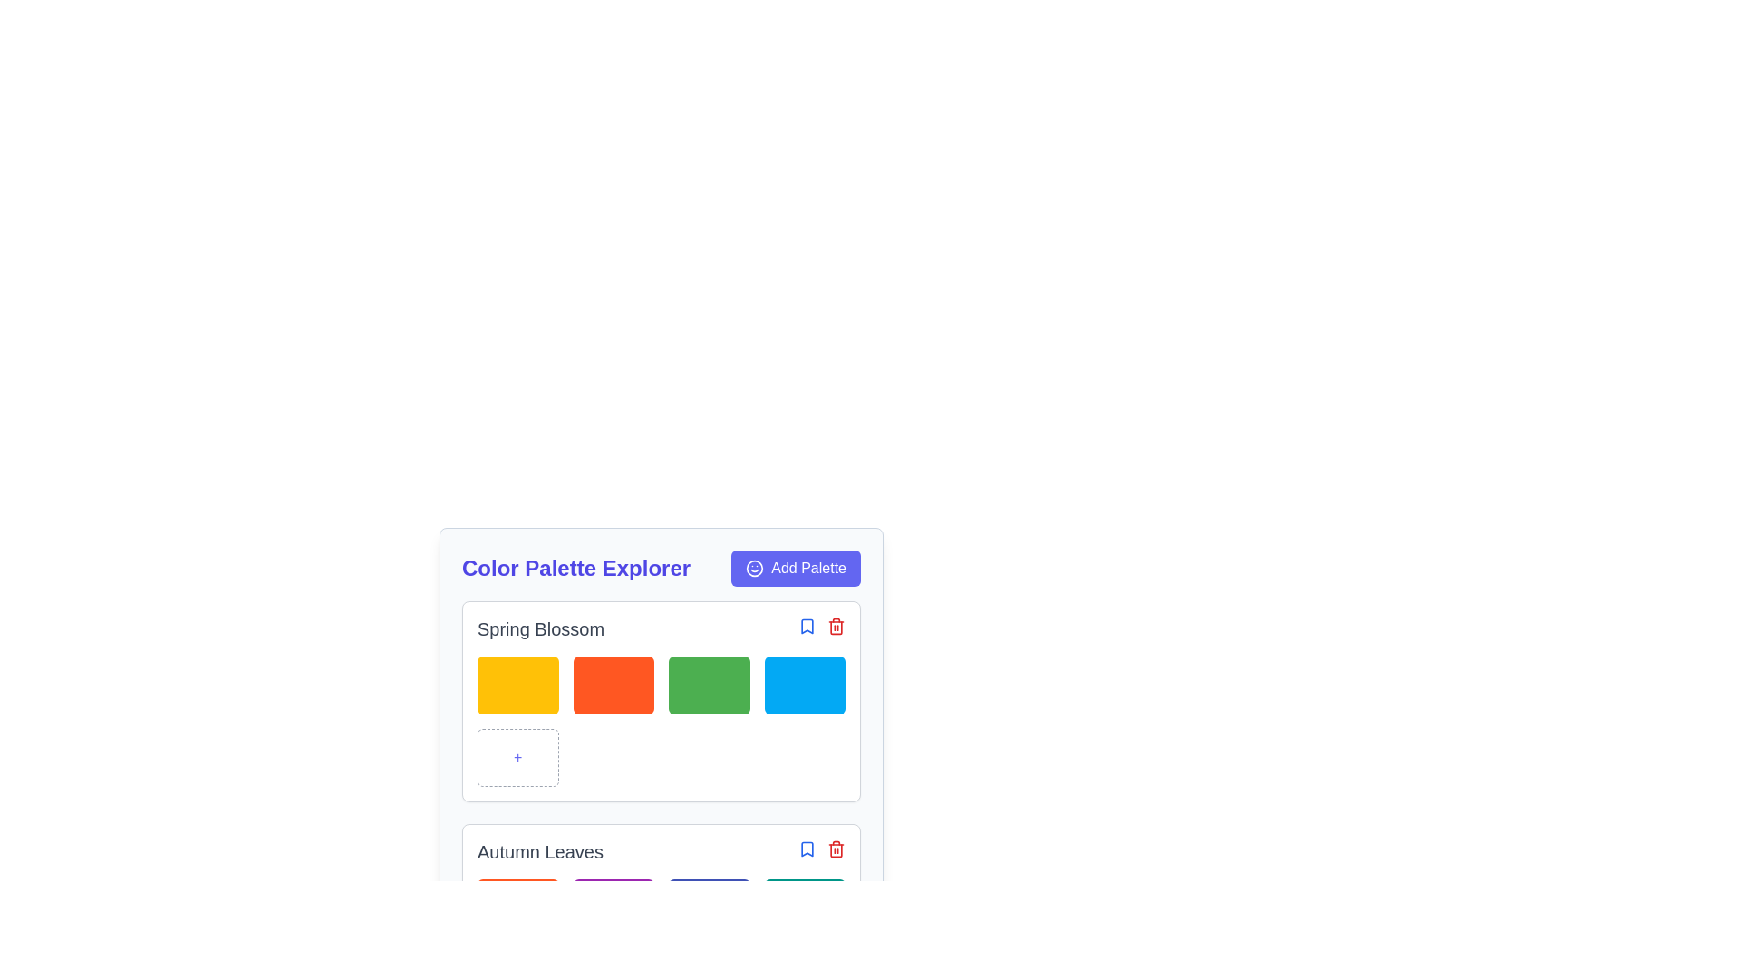  What do you see at coordinates (708, 685) in the screenshot?
I see `the third color swatch in the 'Spring Blossom' section of the 'Color Palette Explorer'` at bounding box center [708, 685].